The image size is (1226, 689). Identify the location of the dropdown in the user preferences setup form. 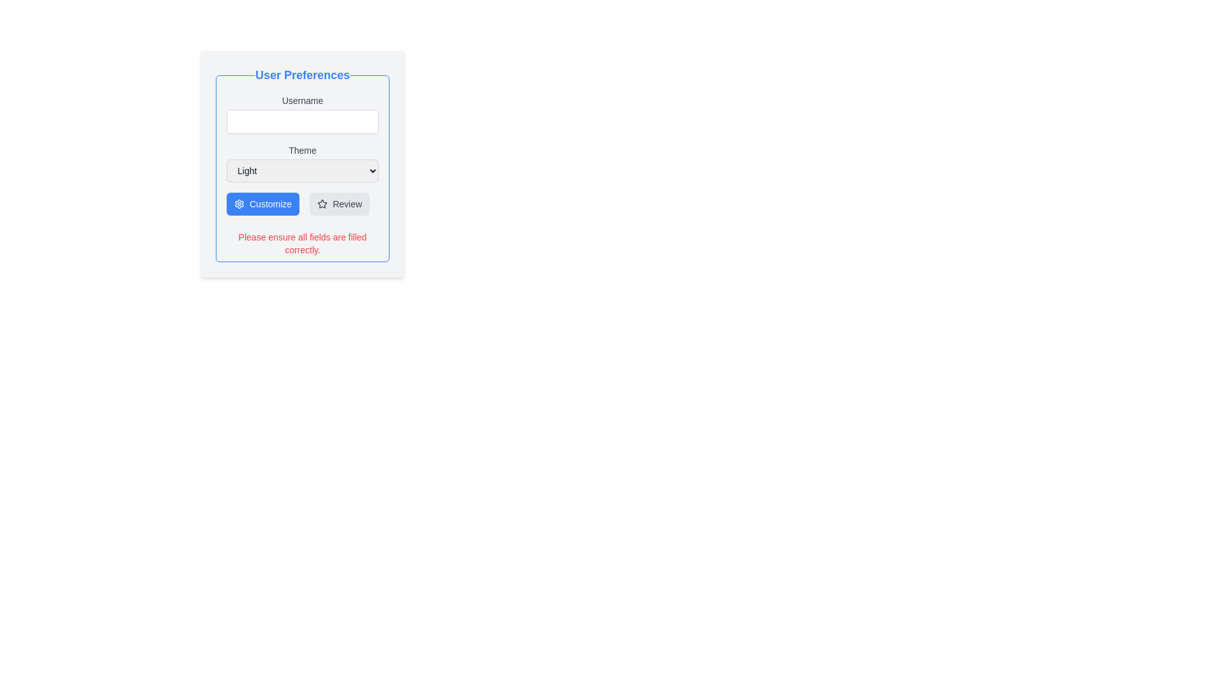
(302, 163).